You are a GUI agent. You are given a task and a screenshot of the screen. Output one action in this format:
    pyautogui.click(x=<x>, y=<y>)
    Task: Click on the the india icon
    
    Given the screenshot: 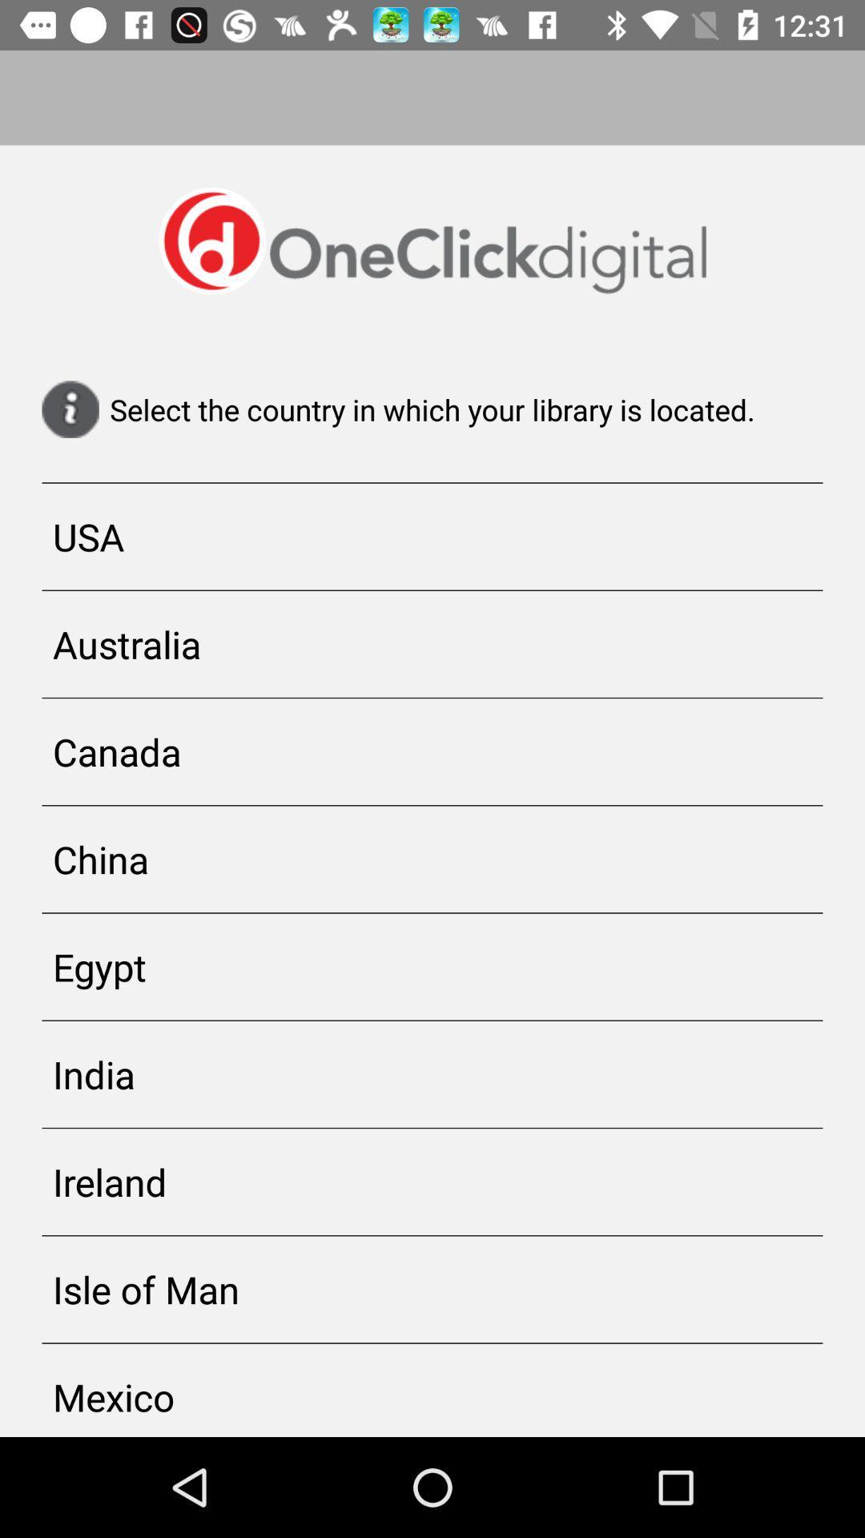 What is the action you would take?
    pyautogui.click(x=432, y=1074)
    